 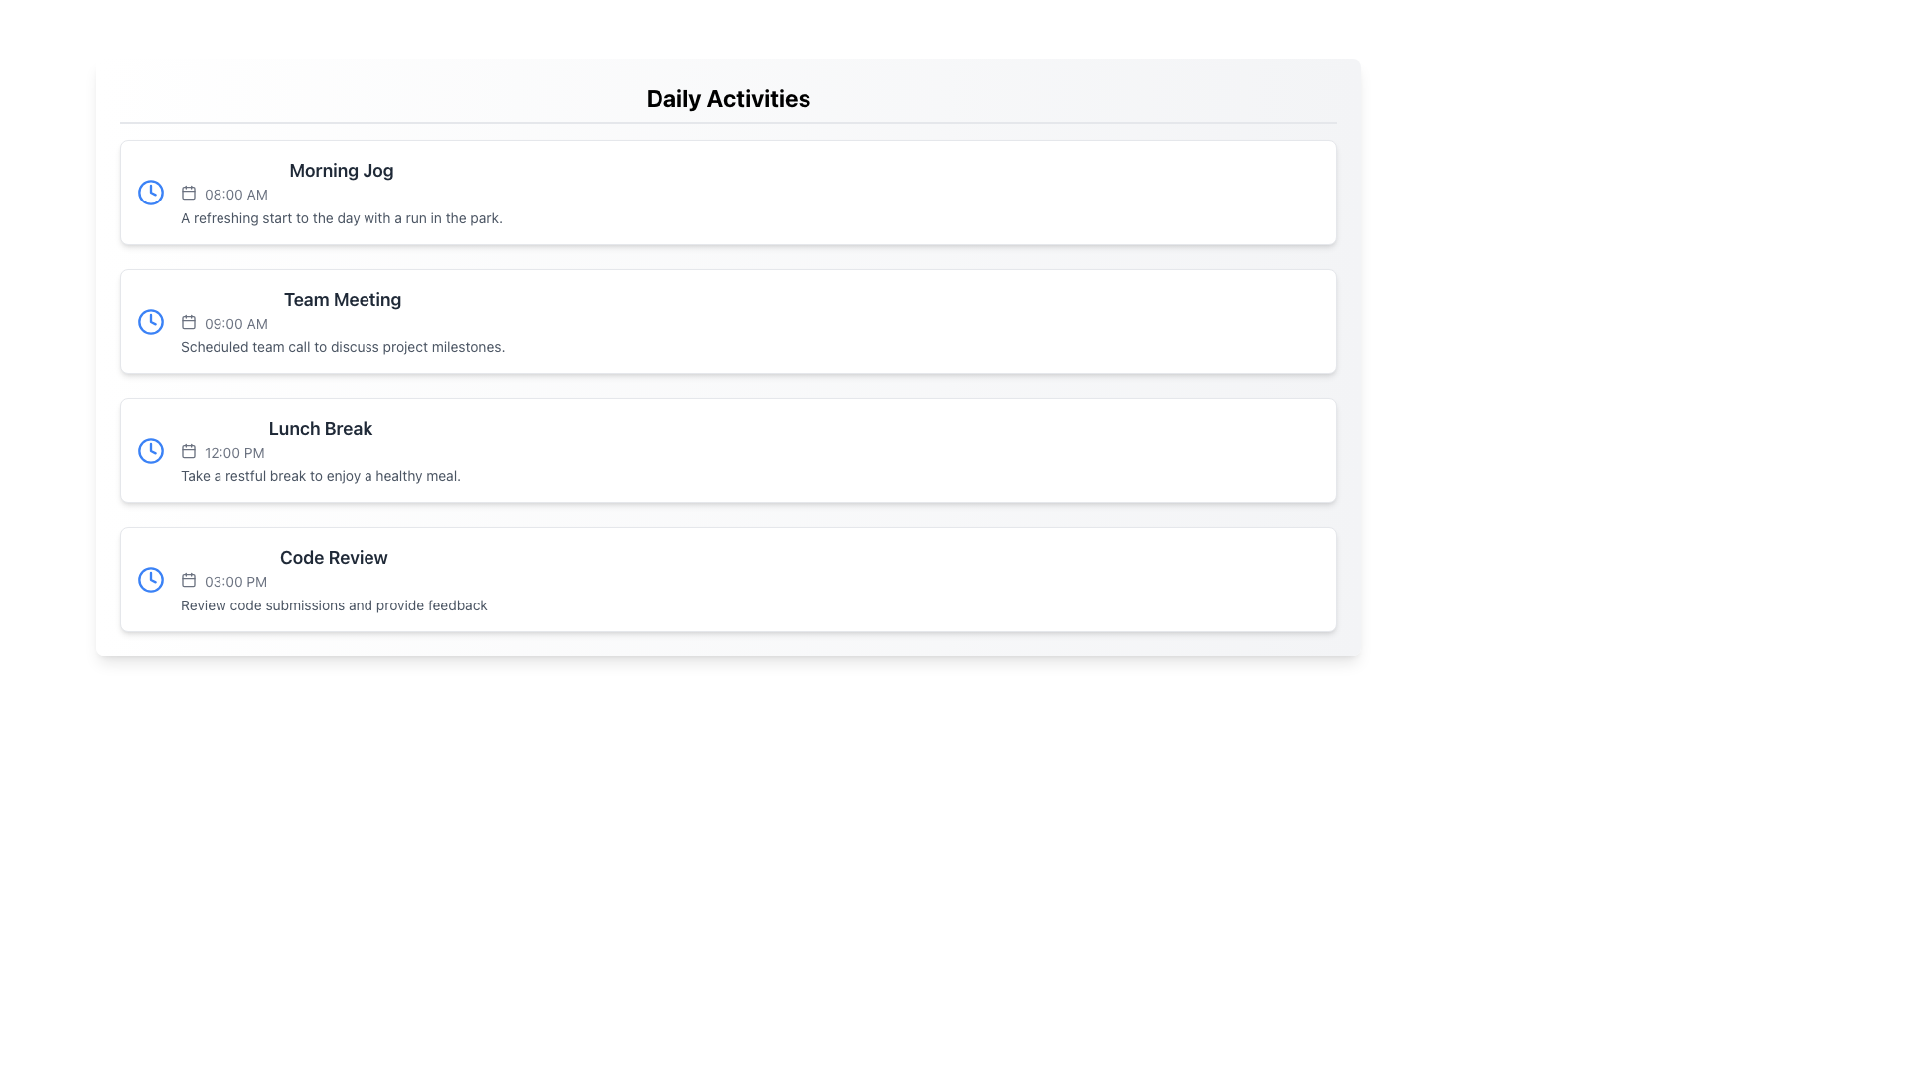 I want to click on the blue circular clock icon located in the second card under 'Daily Activities', aligned to the left of '09:00 AM' and 'Scheduled team call to discuss project milestones', so click(x=150, y=321).